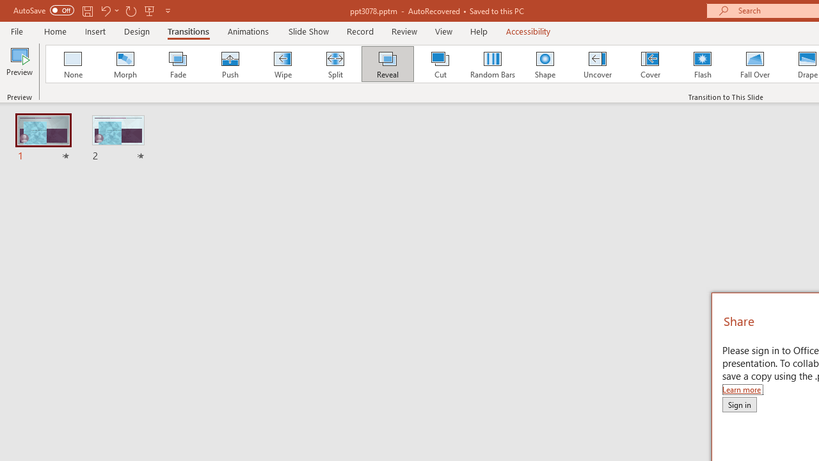 The image size is (819, 461). I want to click on 'Fall Over', so click(755, 64).